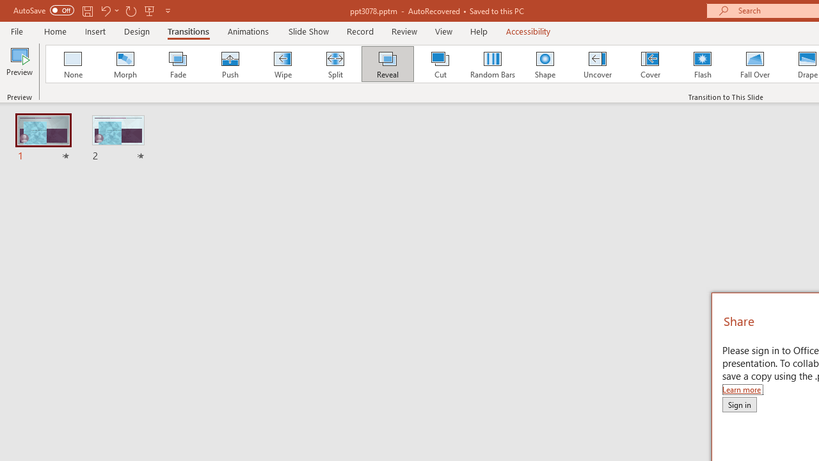 The image size is (819, 461). I want to click on 'Fall Over', so click(755, 64).